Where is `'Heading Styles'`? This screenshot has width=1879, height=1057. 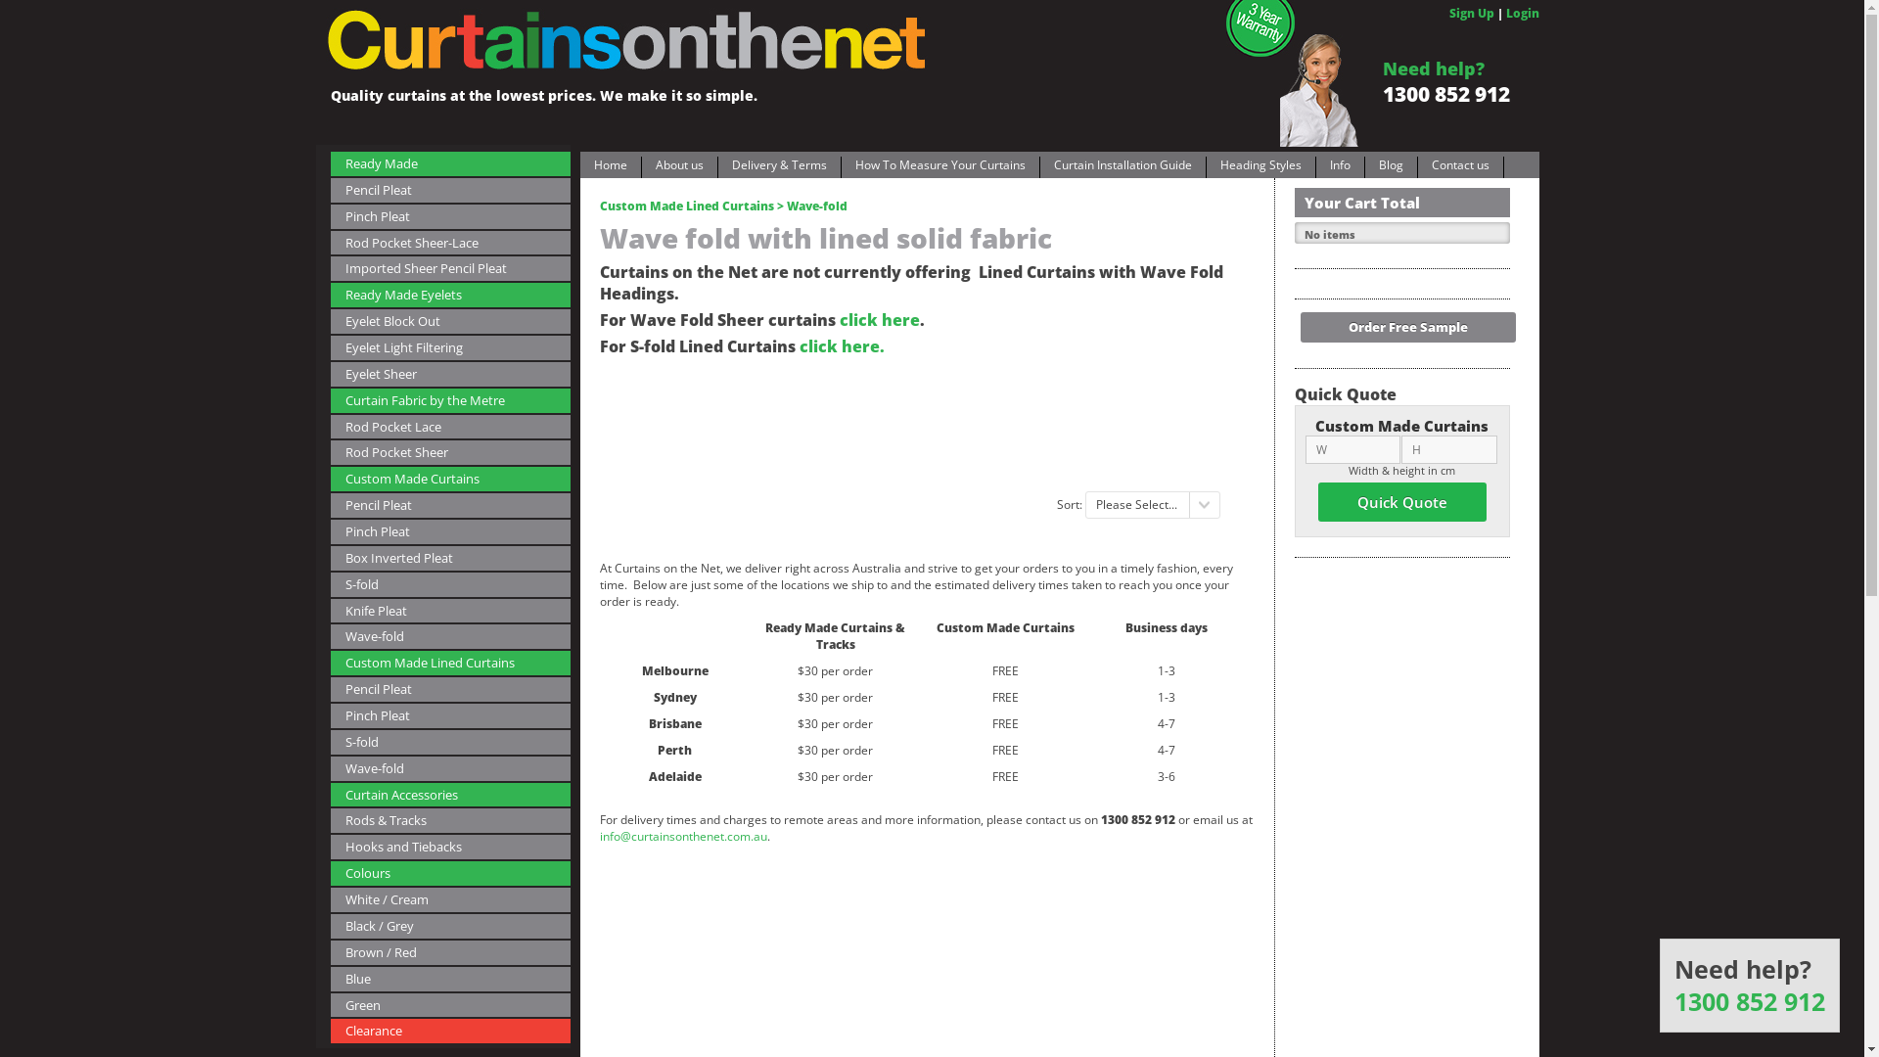 'Heading Styles' is located at coordinates (1205, 165).